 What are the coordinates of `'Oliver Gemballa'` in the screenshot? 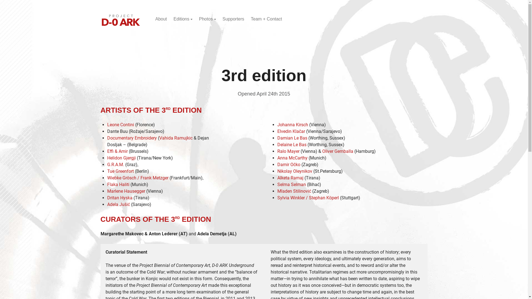 It's located at (337, 151).